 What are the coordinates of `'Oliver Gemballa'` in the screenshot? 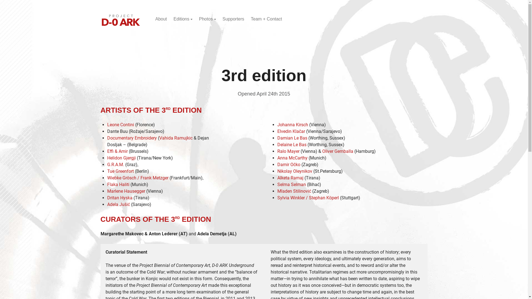 It's located at (337, 151).